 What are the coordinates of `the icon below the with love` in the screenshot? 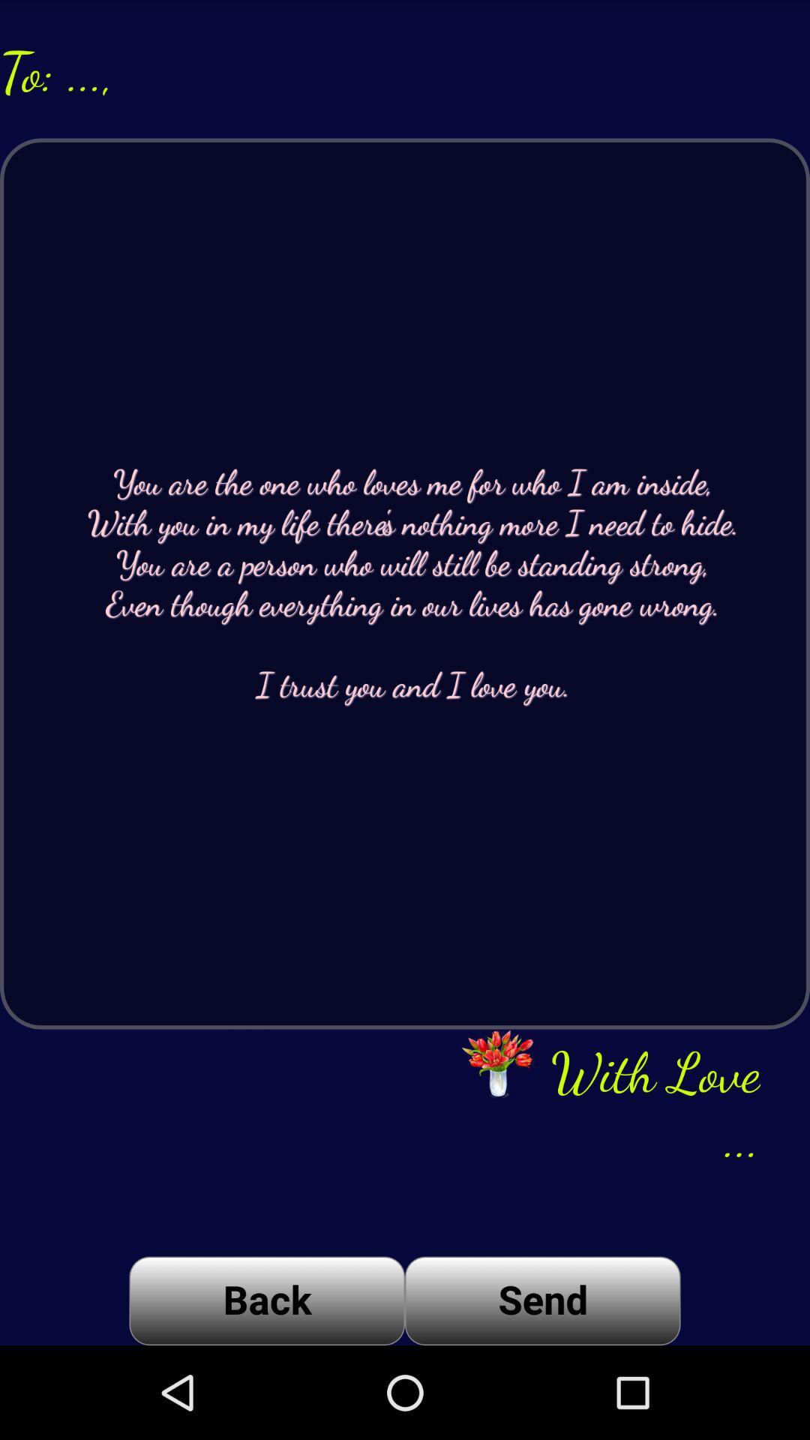 It's located at (542, 1300).